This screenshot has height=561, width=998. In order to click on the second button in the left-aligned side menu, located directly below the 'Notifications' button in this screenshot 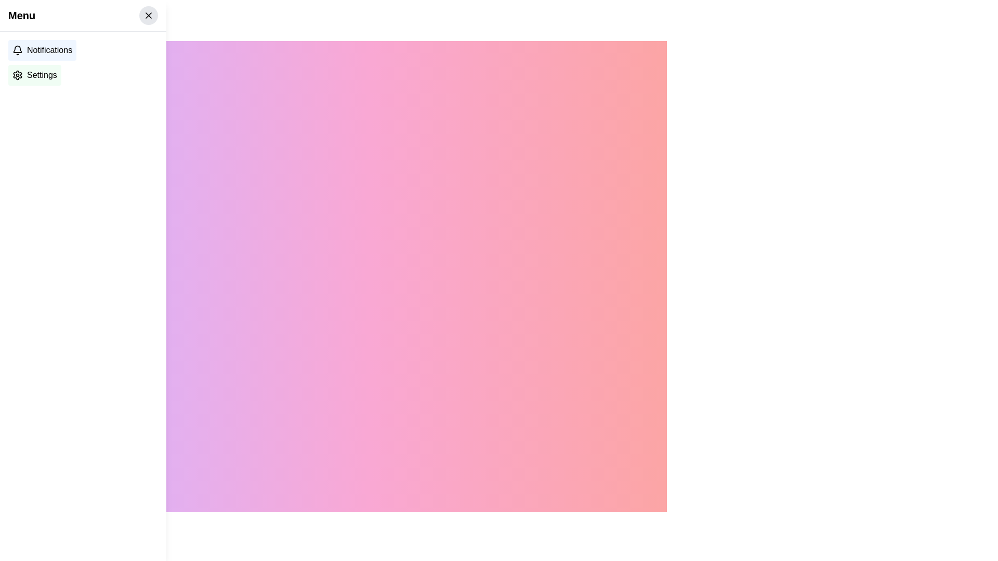, I will do `click(34, 75)`.